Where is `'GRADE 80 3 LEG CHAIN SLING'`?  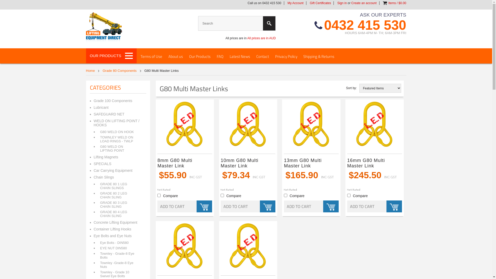 'GRADE 80 3 LEG CHAIN SLING' is located at coordinates (118, 204).